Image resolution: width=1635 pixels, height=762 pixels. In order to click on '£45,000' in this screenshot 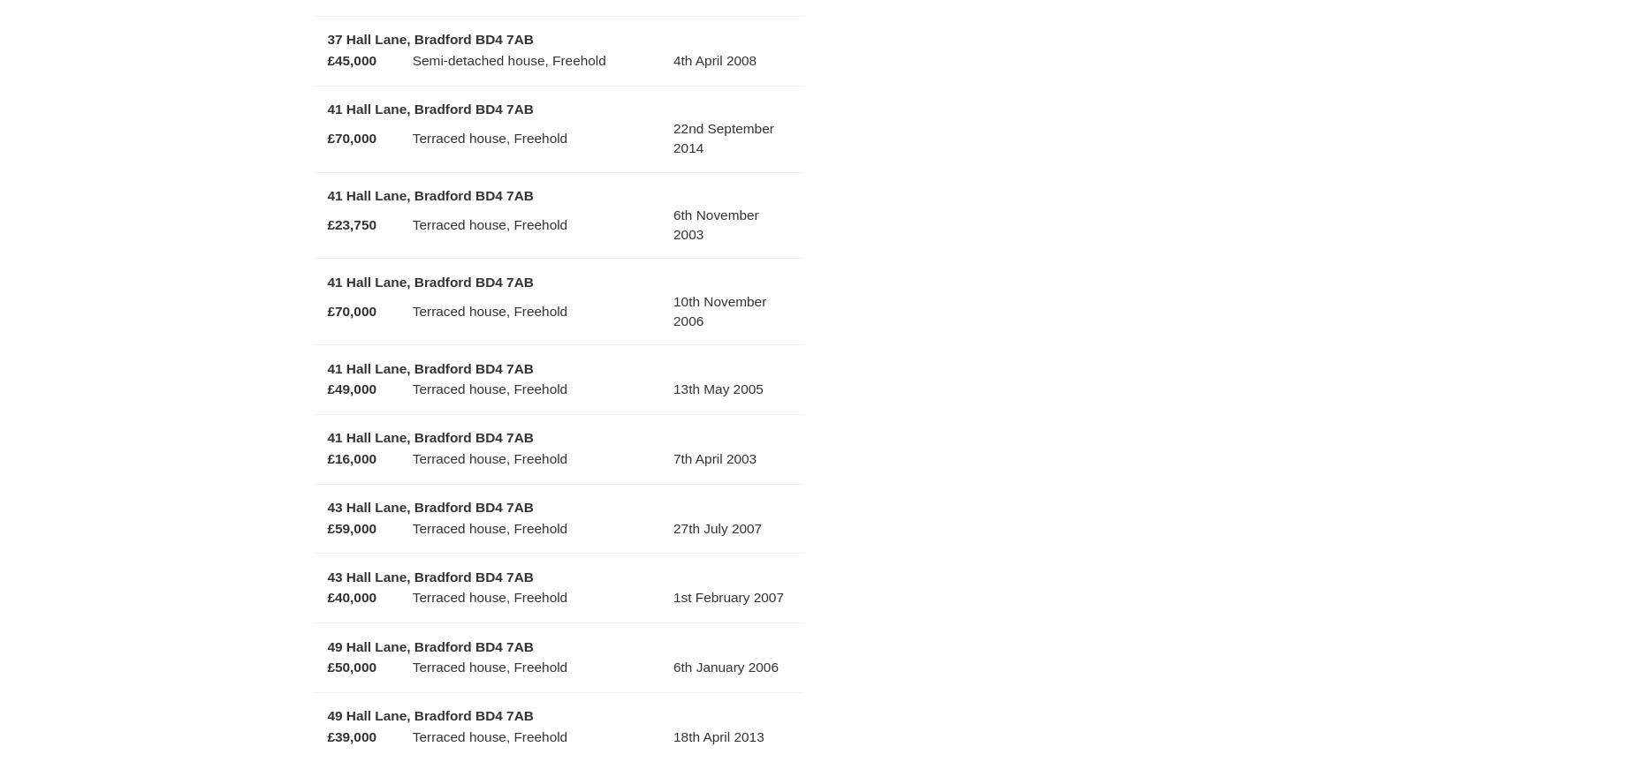, I will do `click(350, 59)`.